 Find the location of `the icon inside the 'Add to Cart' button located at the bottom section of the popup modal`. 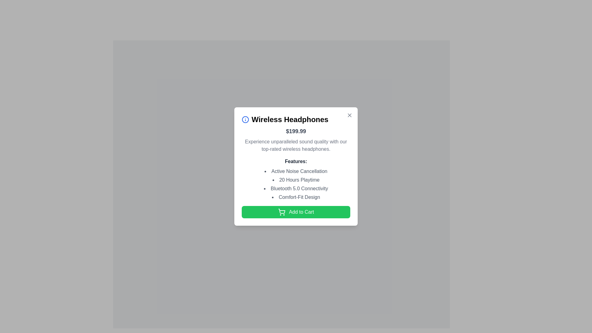

the icon inside the 'Add to Cart' button located at the bottom section of the popup modal is located at coordinates (281, 212).